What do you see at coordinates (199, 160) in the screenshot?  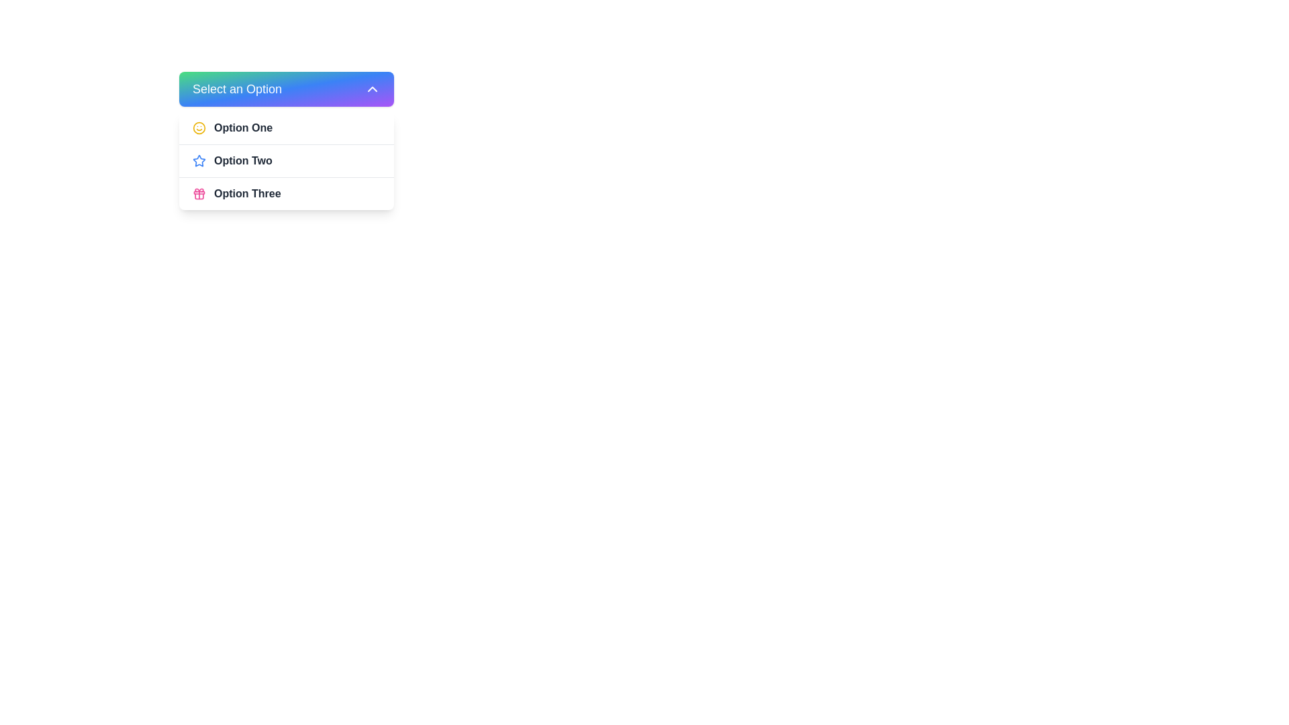 I see `the blue star icon located to the left of the text 'Option Two' in the dropdown menu` at bounding box center [199, 160].